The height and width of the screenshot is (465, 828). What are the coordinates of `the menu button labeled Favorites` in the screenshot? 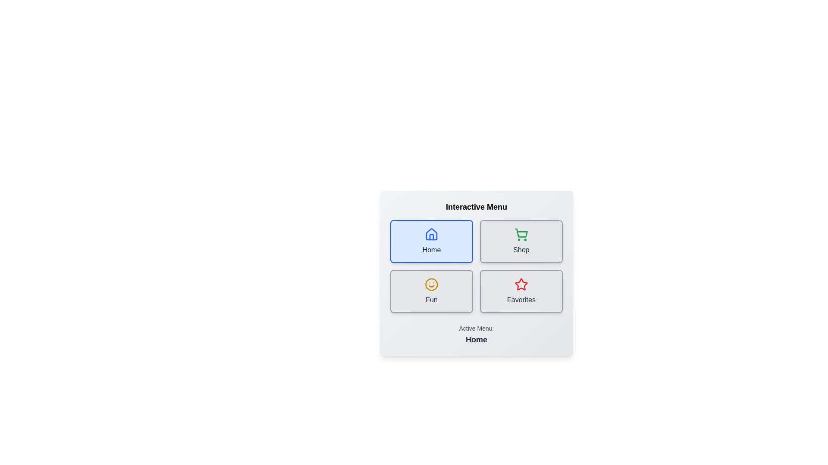 It's located at (521, 291).